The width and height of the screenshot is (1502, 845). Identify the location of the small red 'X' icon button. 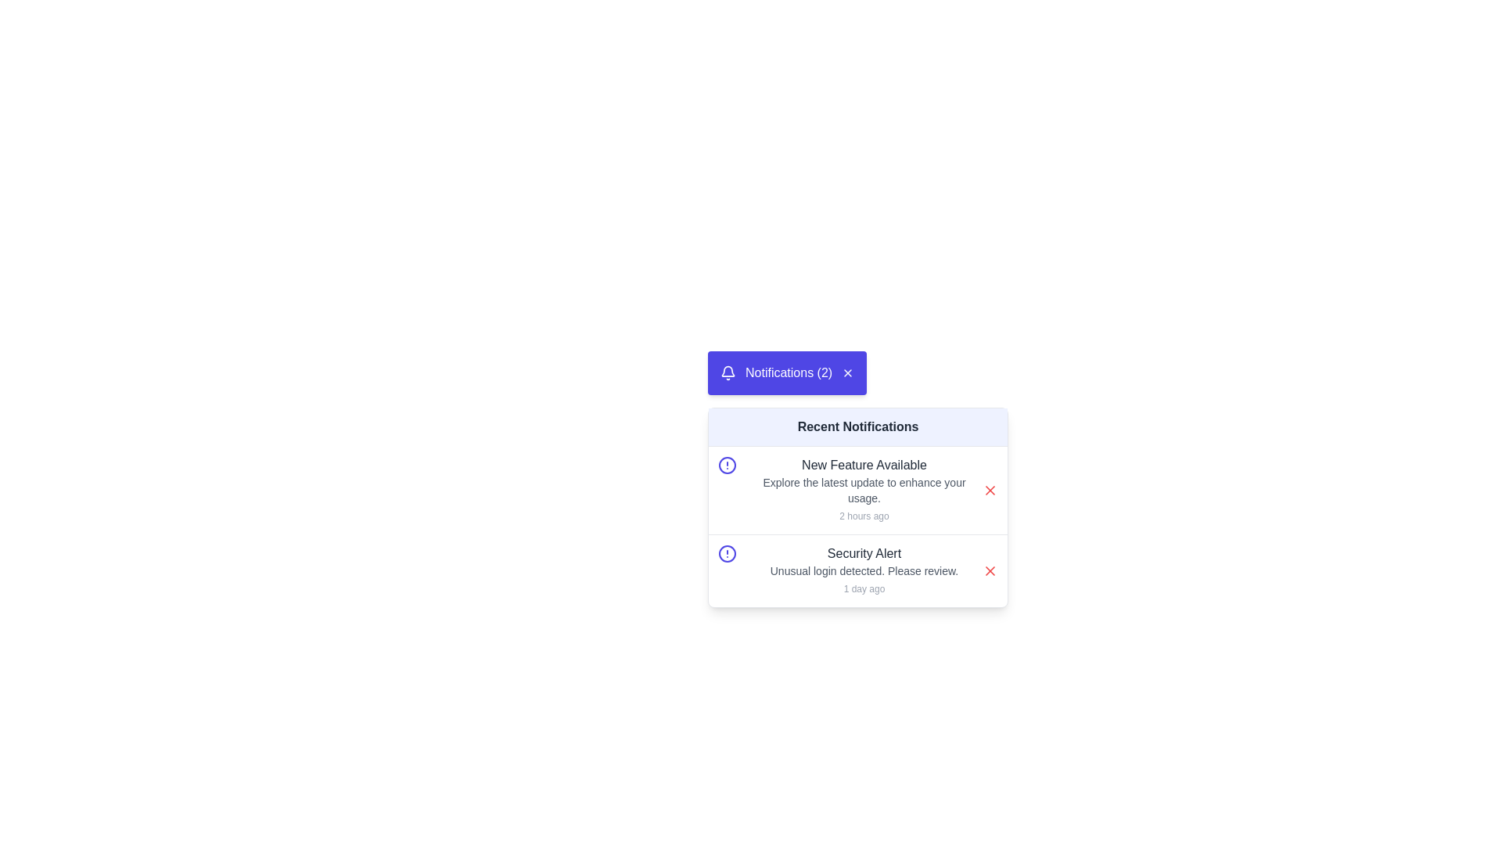
(990, 570).